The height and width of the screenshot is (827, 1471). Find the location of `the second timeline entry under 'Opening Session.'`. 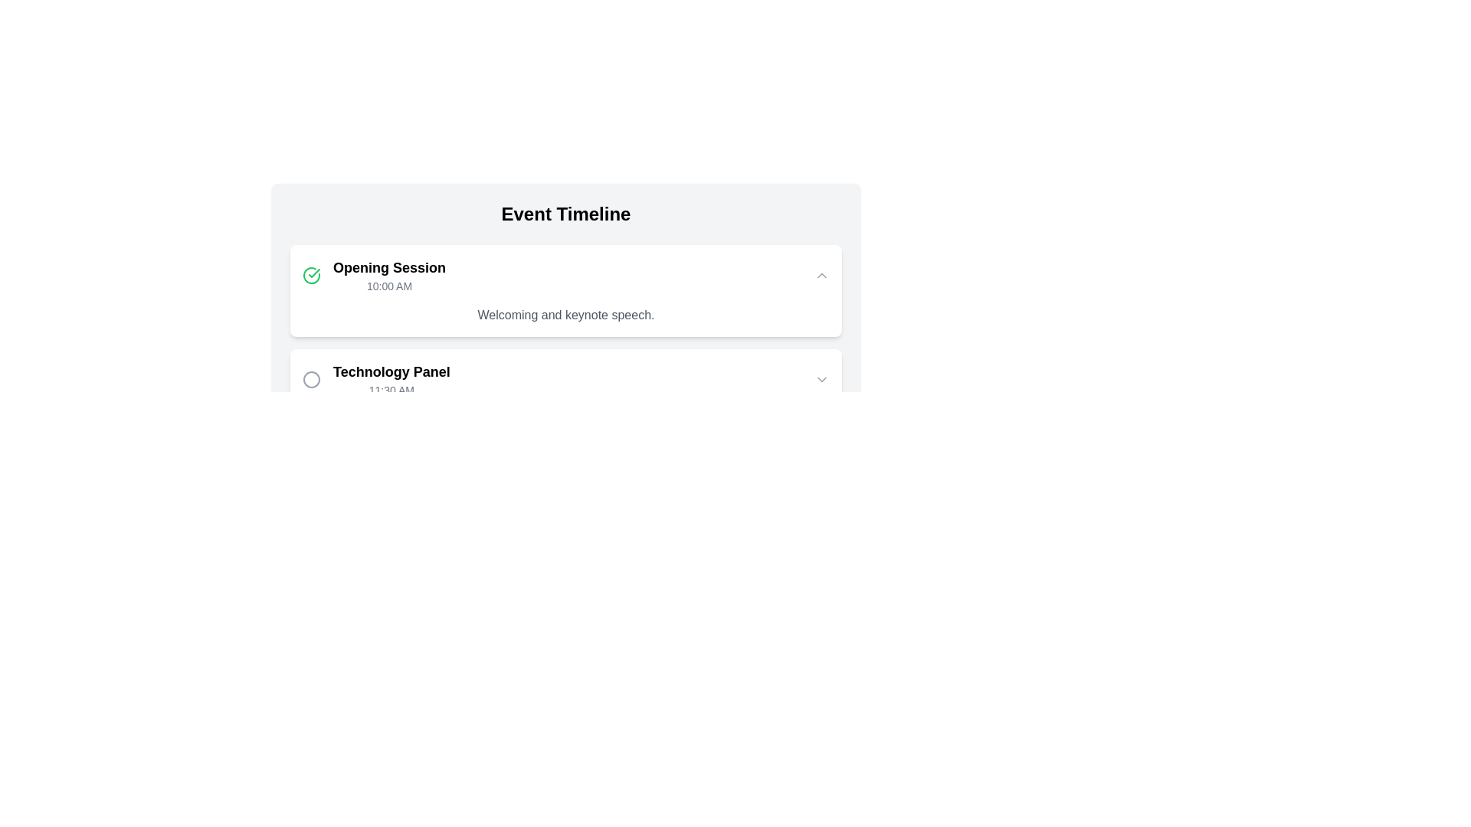

the second timeline entry under 'Opening Session.' is located at coordinates (565, 379).